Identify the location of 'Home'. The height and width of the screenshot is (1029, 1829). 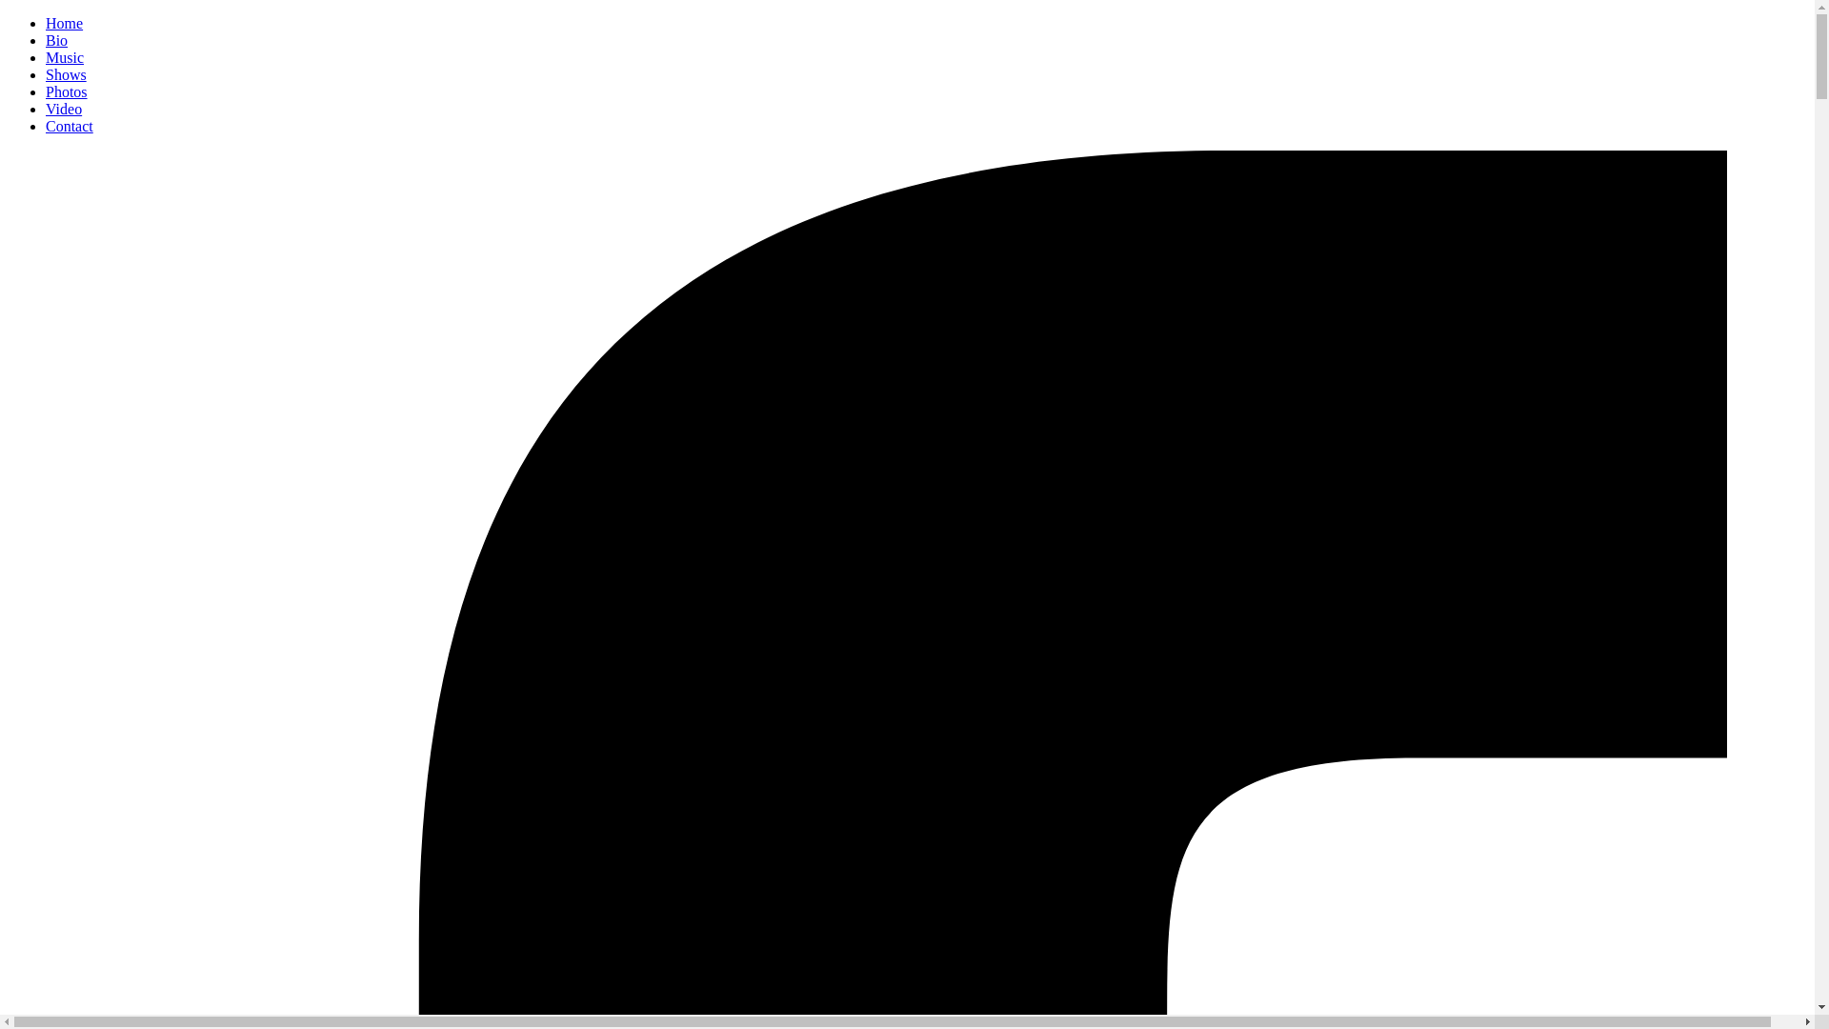
(64, 23).